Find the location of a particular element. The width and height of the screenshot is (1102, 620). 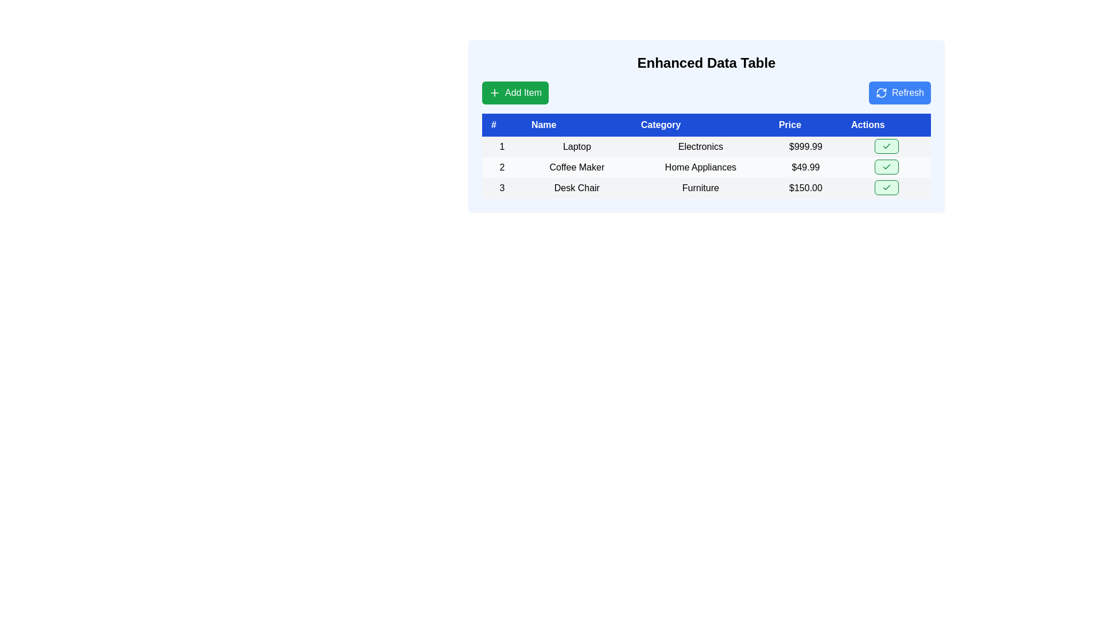

the graphical icon that confirms or selects the 'Desk Chair' entry in the table, located within the green button in the 'Actions' column of the third row is located at coordinates (886, 187).